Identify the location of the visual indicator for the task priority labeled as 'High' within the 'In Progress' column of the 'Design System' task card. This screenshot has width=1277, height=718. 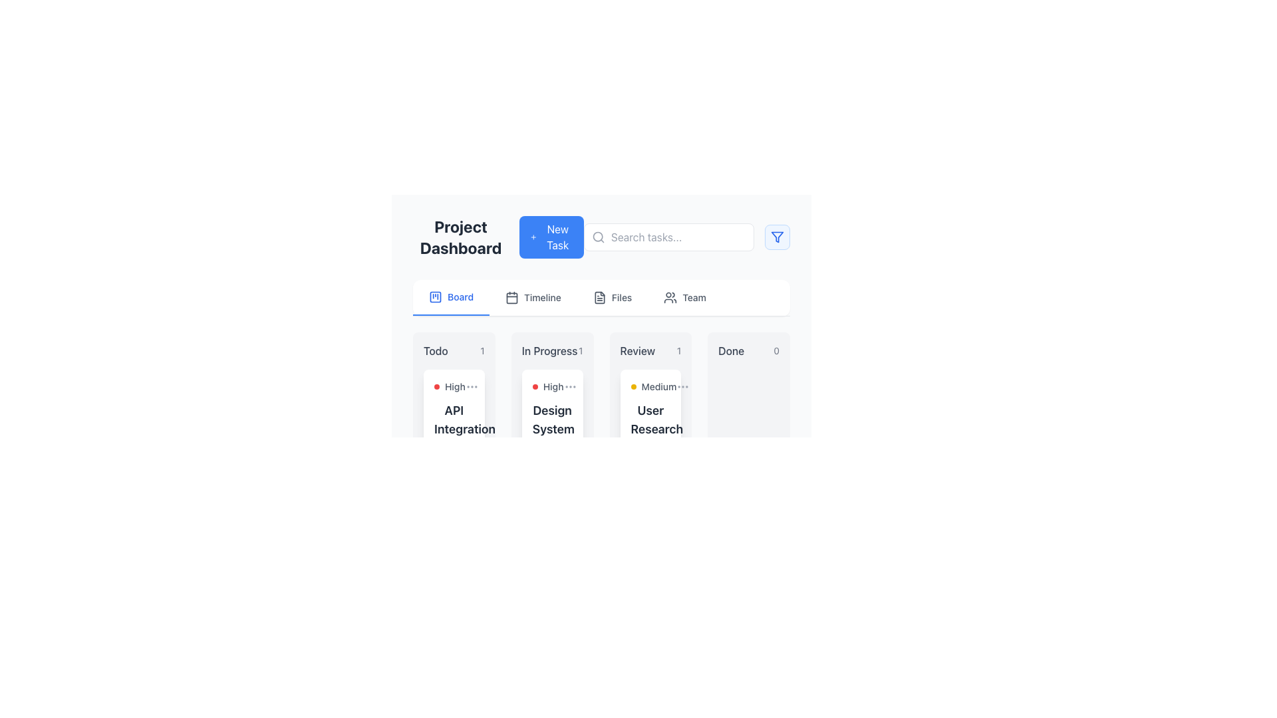
(548, 387).